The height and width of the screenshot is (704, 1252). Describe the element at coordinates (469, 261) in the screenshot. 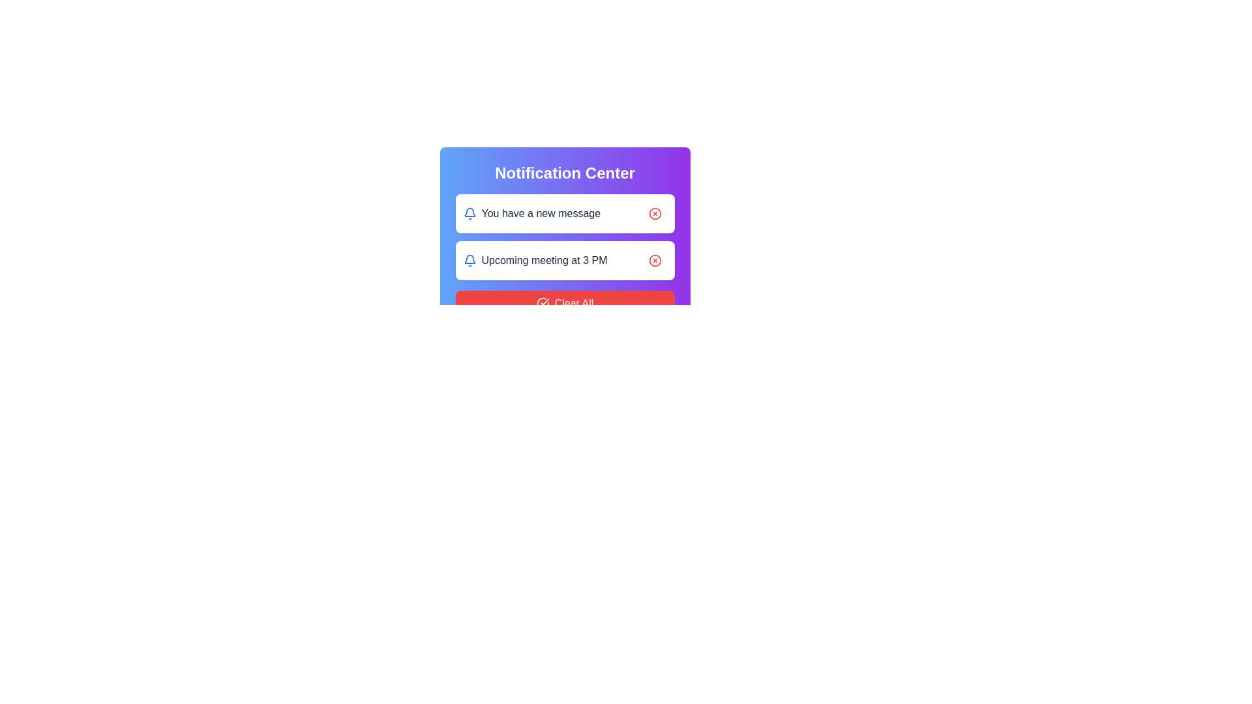

I see `the blue bell icon located to the left of the text 'Upcoming meeting at 3 PM' in the second entry of the notification panel` at that location.